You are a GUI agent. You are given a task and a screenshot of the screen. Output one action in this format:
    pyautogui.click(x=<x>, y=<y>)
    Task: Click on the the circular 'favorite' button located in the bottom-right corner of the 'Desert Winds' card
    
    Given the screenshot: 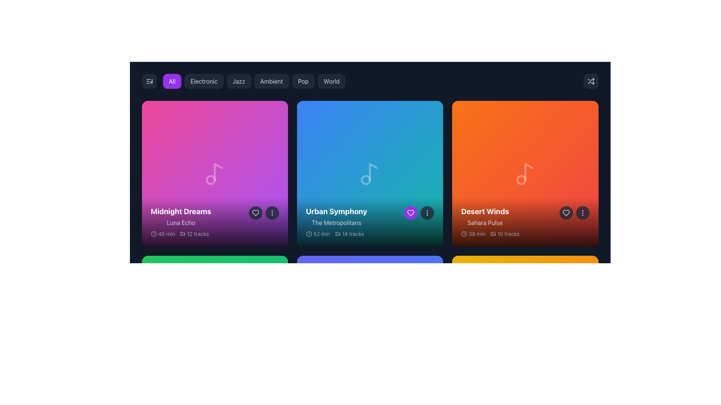 What is the action you would take?
    pyautogui.click(x=566, y=213)
    